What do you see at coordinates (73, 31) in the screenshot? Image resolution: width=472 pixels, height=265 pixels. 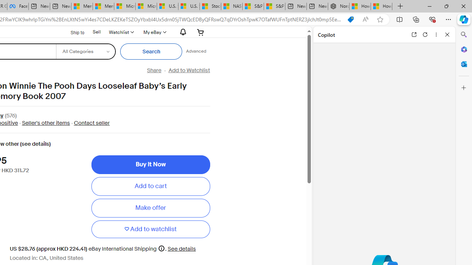 I see `'Ship to'` at bounding box center [73, 31].